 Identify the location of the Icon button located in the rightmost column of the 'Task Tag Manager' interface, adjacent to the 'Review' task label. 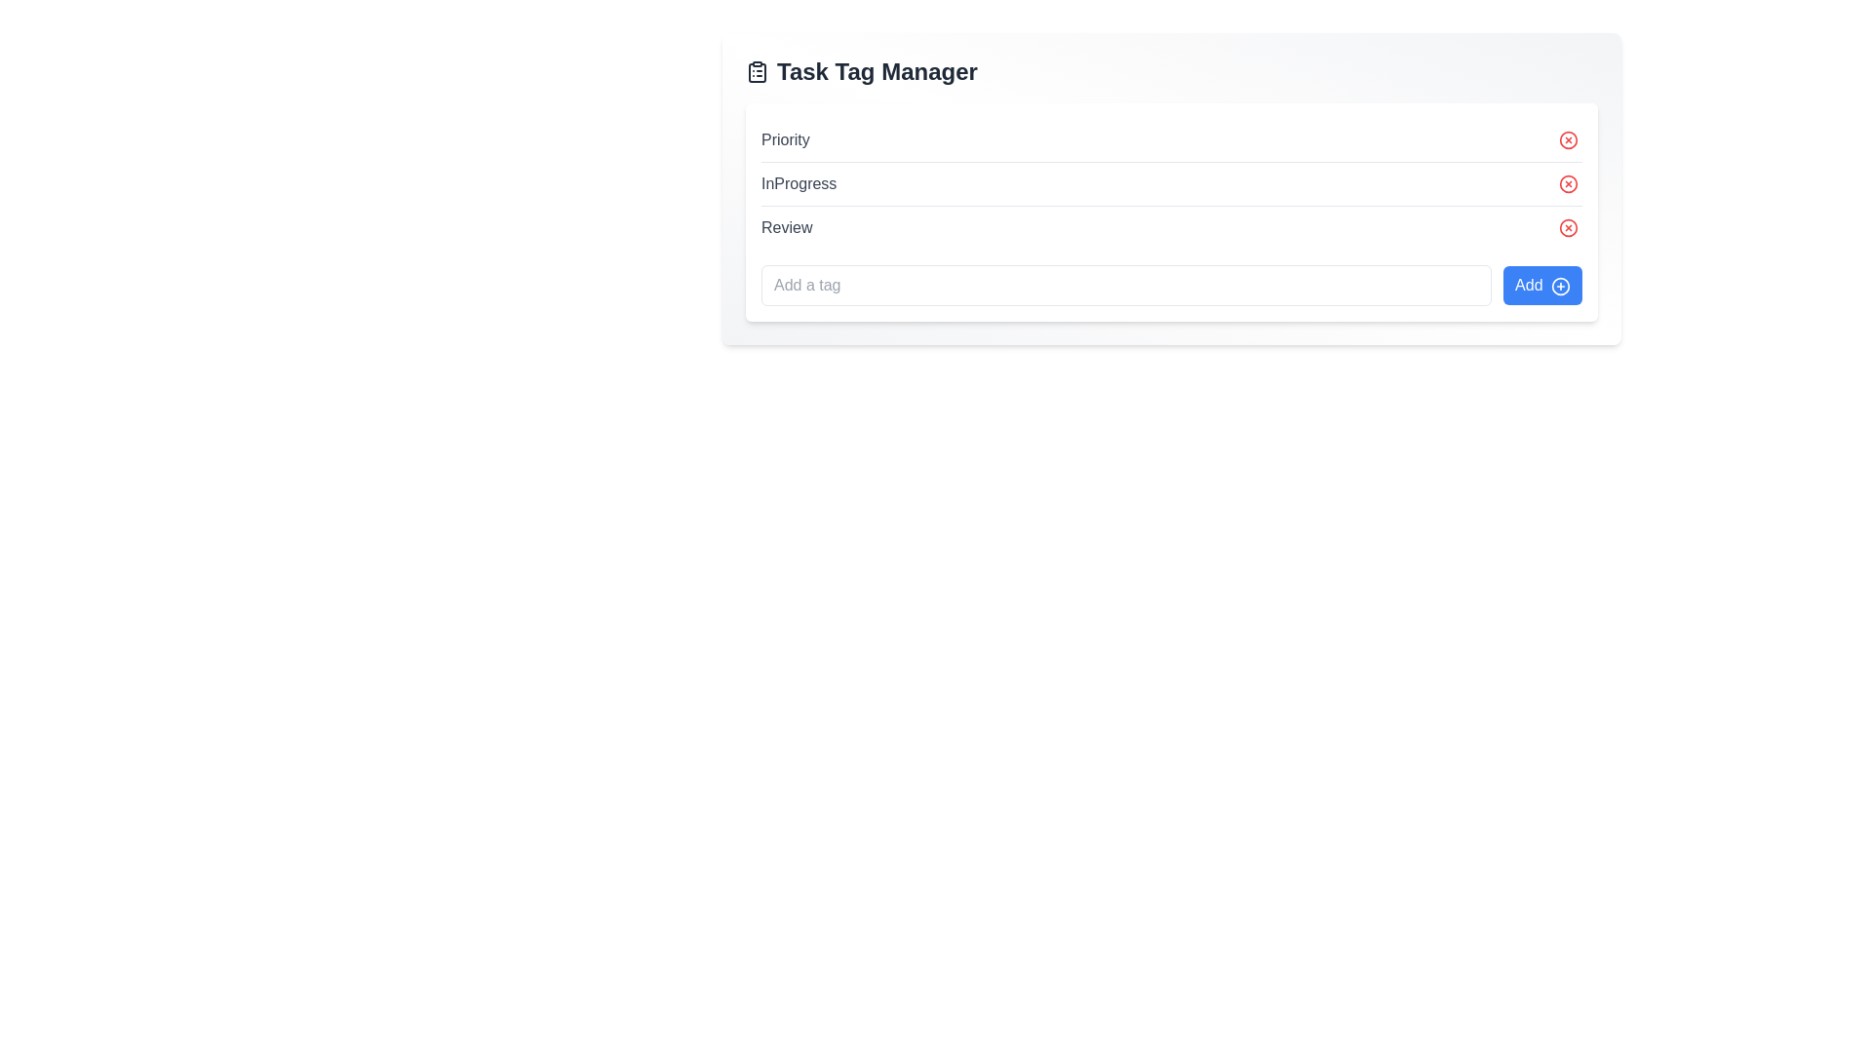
(1568, 227).